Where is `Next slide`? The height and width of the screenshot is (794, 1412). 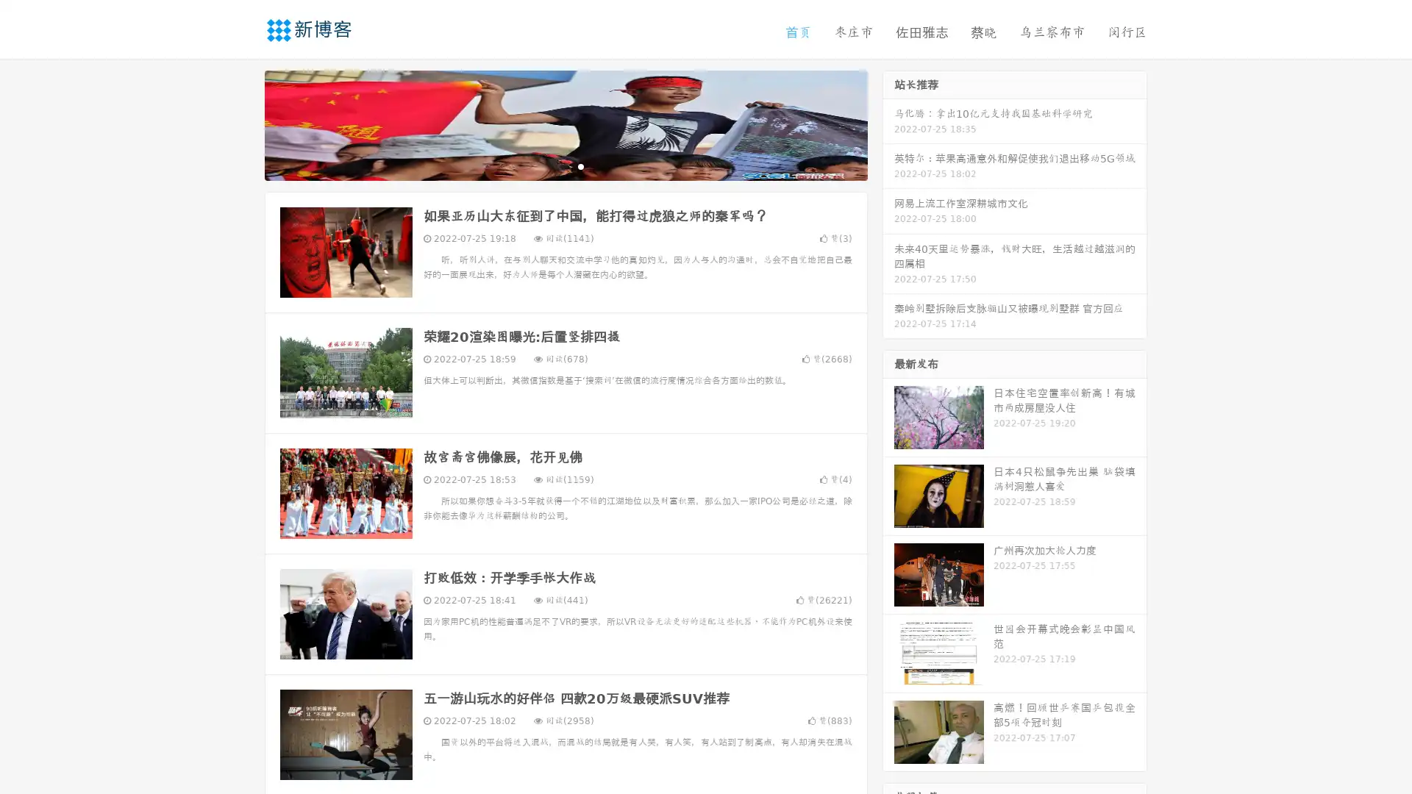 Next slide is located at coordinates (888, 124).